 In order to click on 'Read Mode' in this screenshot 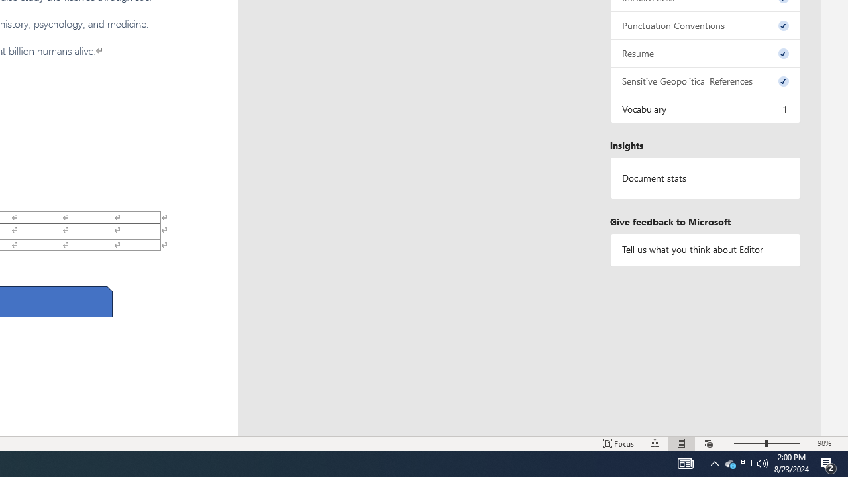, I will do `click(655, 443)`.